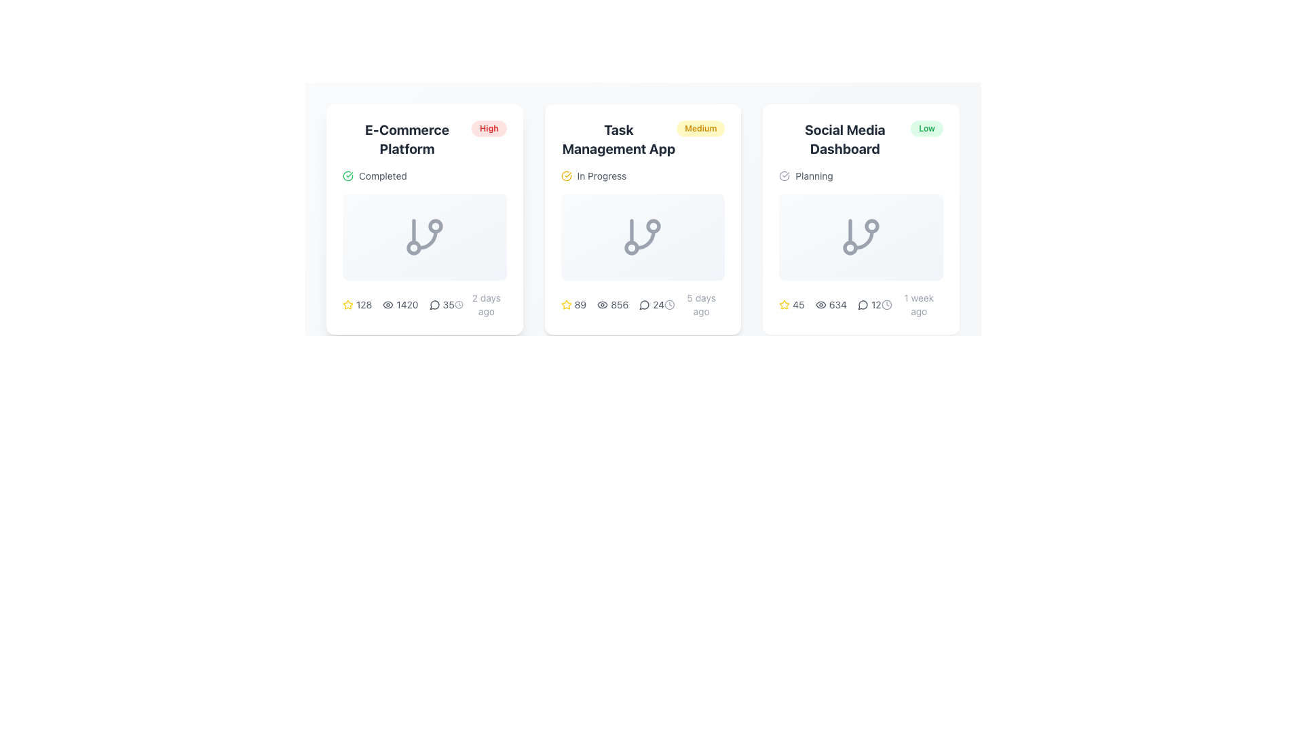  What do you see at coordinates (644, 305) in the screenshot?
I see `the speech bubble icon representing comments or messages, located in the middle segment of the row under the 'Task Management App' card` at bounding box center [644, 305].